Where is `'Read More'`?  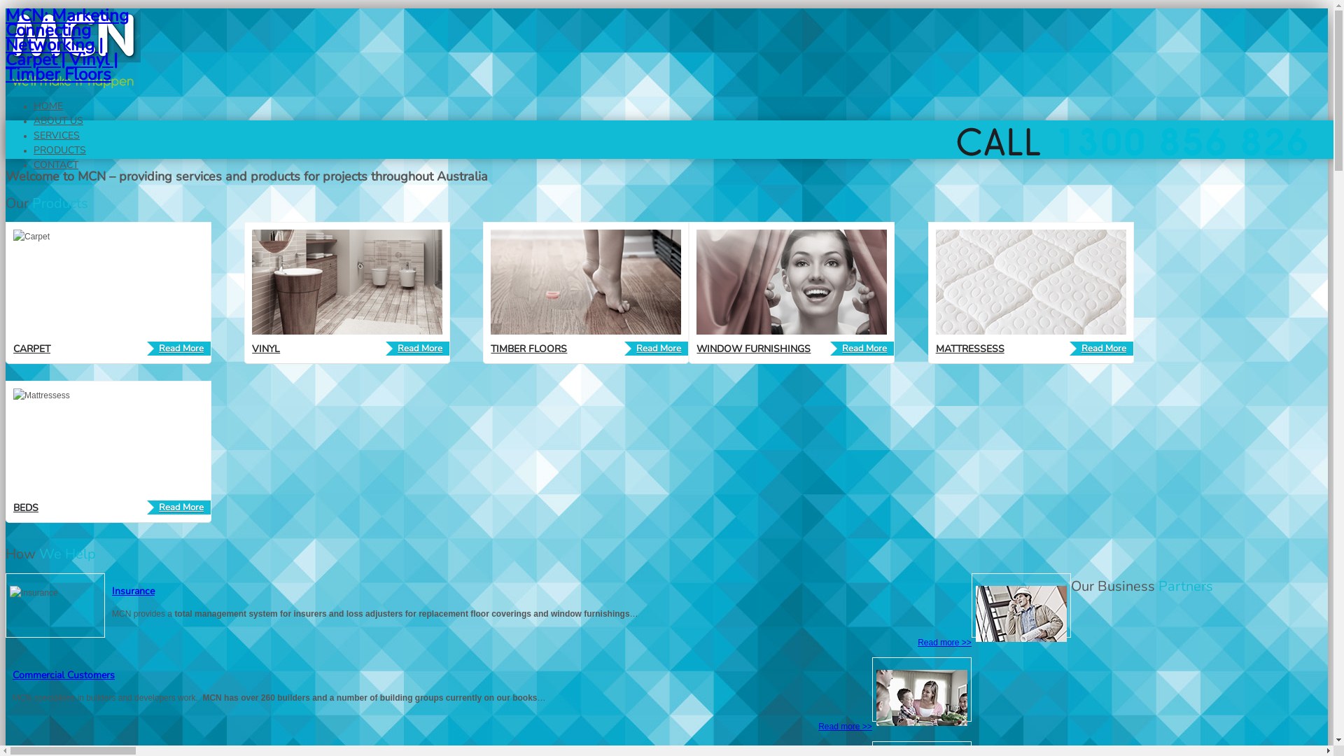 'Read More' is located at coordinates (178, 347).